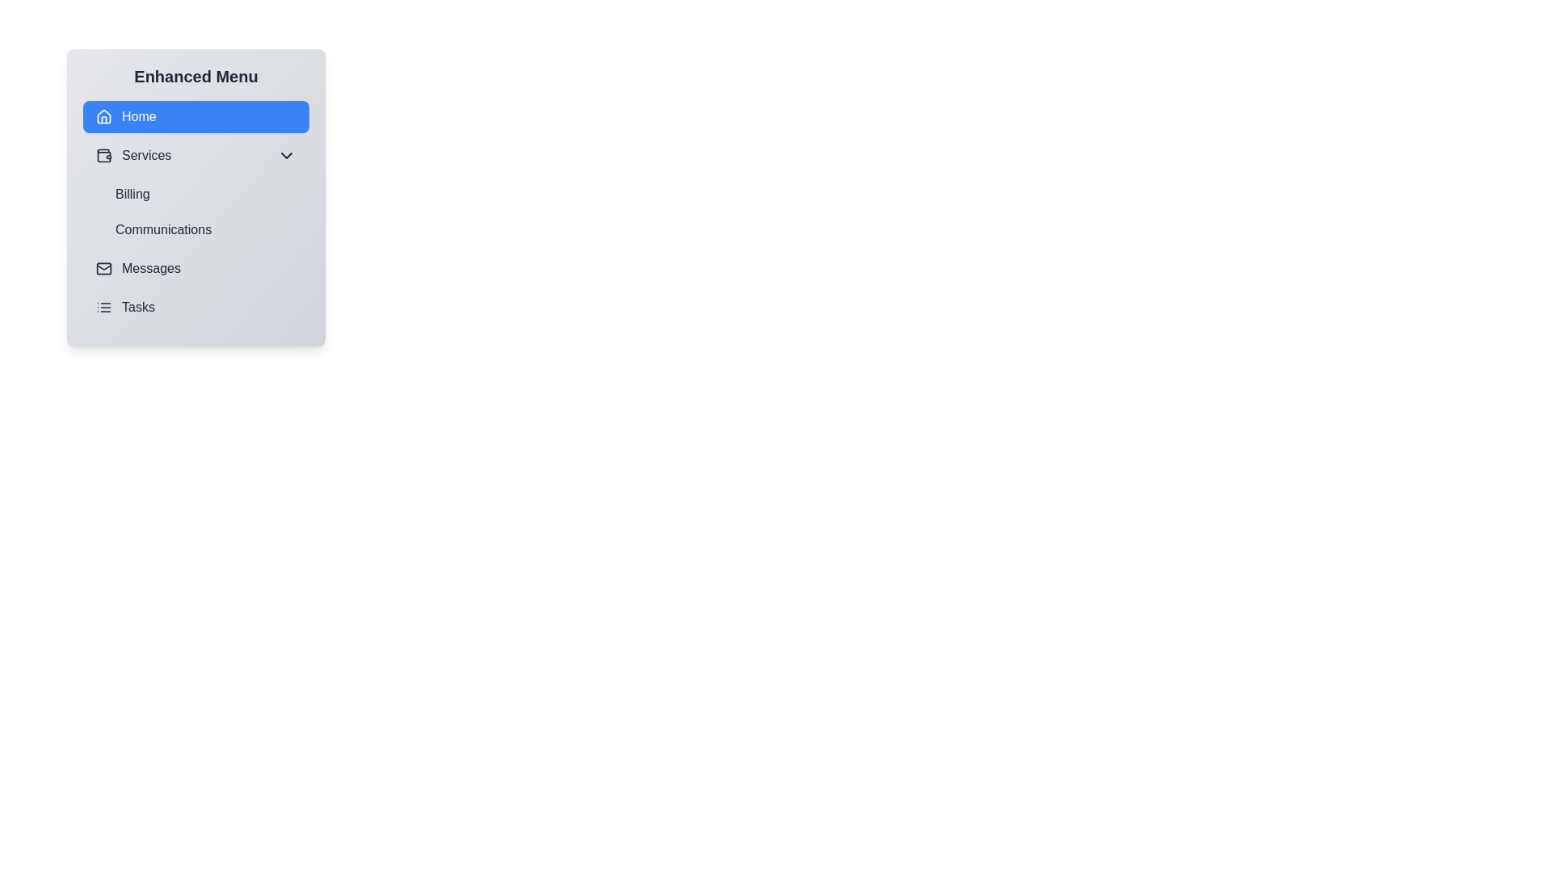 The width and height of the screenshot is (1551, 872). What do you see at coordinates (103, 308) in the screenshot?
I see `the 'Tasks' icon in the lower part of the sidebar menu, which serves as a navigation aid to the 'Tasks' section` at bounding box center [103, 308].